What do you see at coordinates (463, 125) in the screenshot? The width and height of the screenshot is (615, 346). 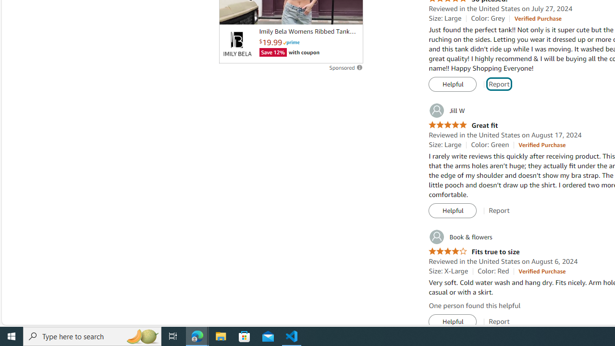 I see `'5.0 out of 5 stars Great fit'` at bounding box center [463, 125].